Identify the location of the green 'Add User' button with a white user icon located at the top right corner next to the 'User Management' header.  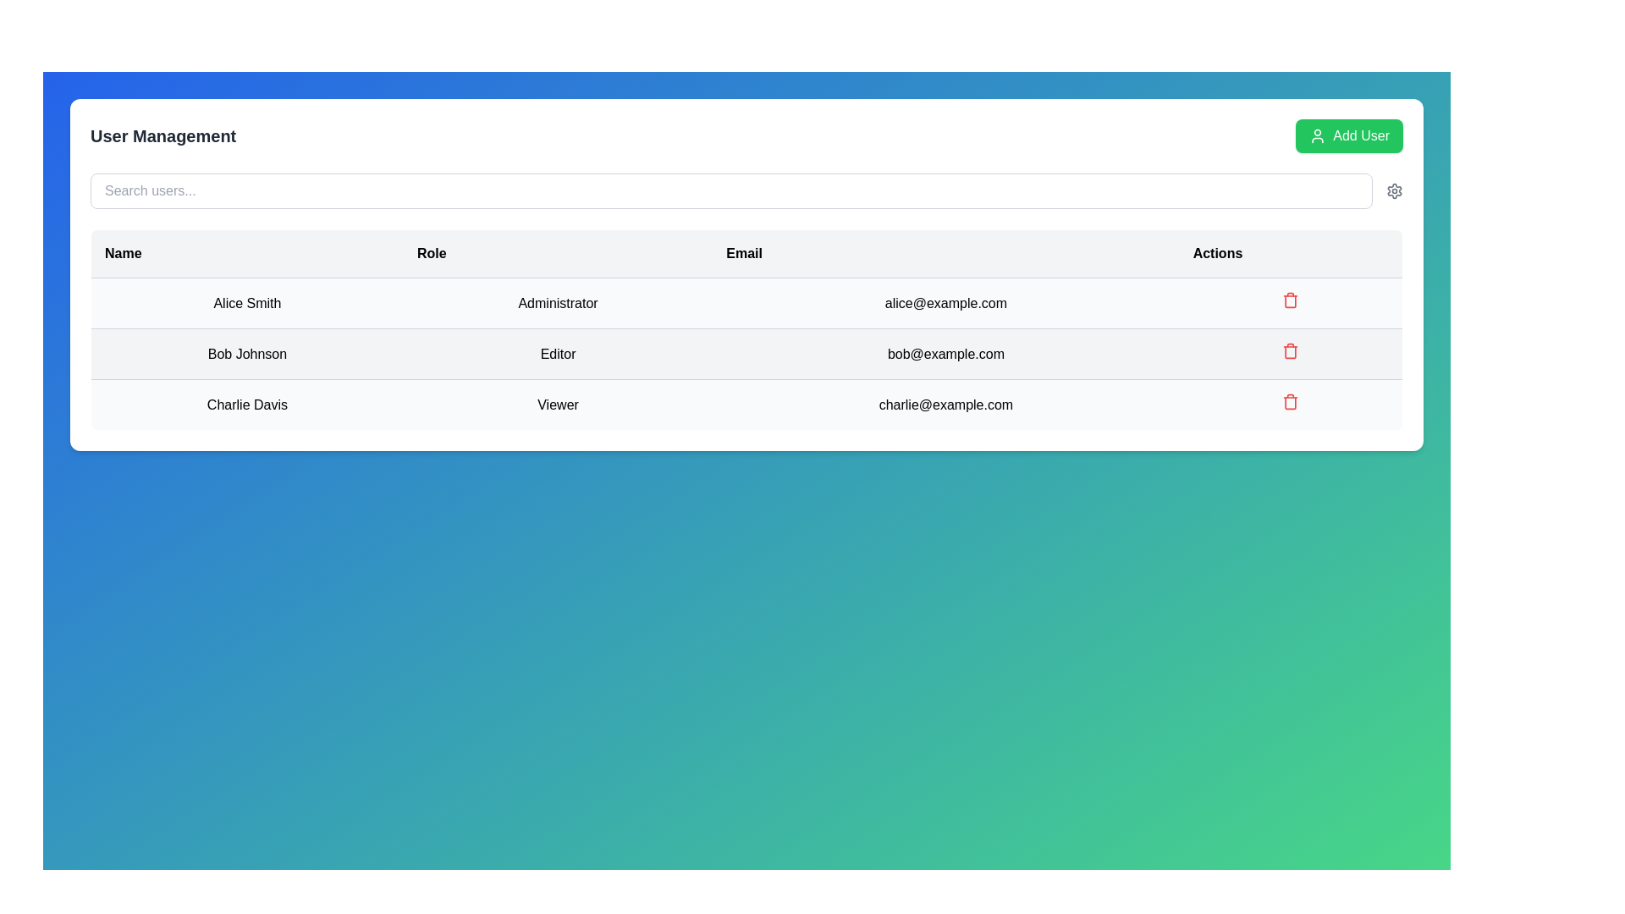
(1348, 135).